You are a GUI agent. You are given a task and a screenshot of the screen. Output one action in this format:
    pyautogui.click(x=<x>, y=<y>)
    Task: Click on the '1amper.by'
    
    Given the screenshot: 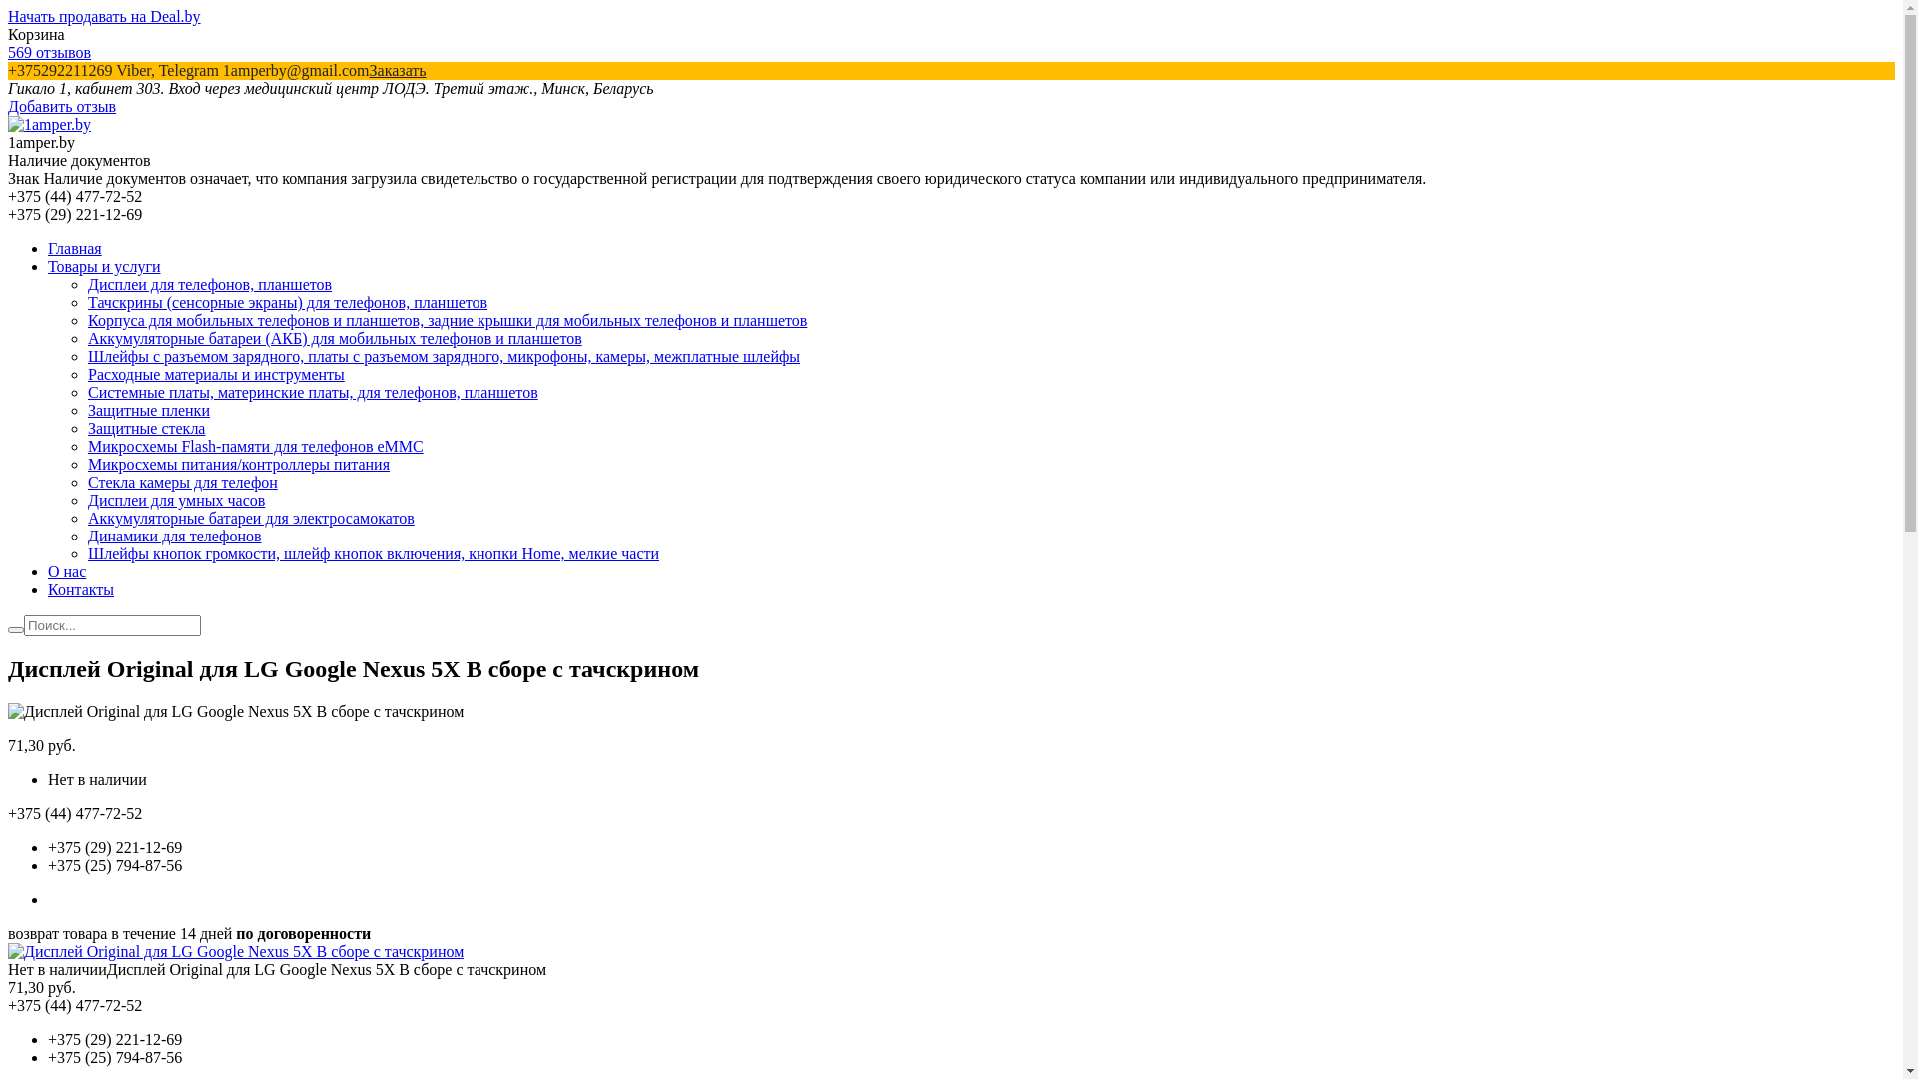 What is the action you would take?
    pyautogui.click(x=8, y=124)
    